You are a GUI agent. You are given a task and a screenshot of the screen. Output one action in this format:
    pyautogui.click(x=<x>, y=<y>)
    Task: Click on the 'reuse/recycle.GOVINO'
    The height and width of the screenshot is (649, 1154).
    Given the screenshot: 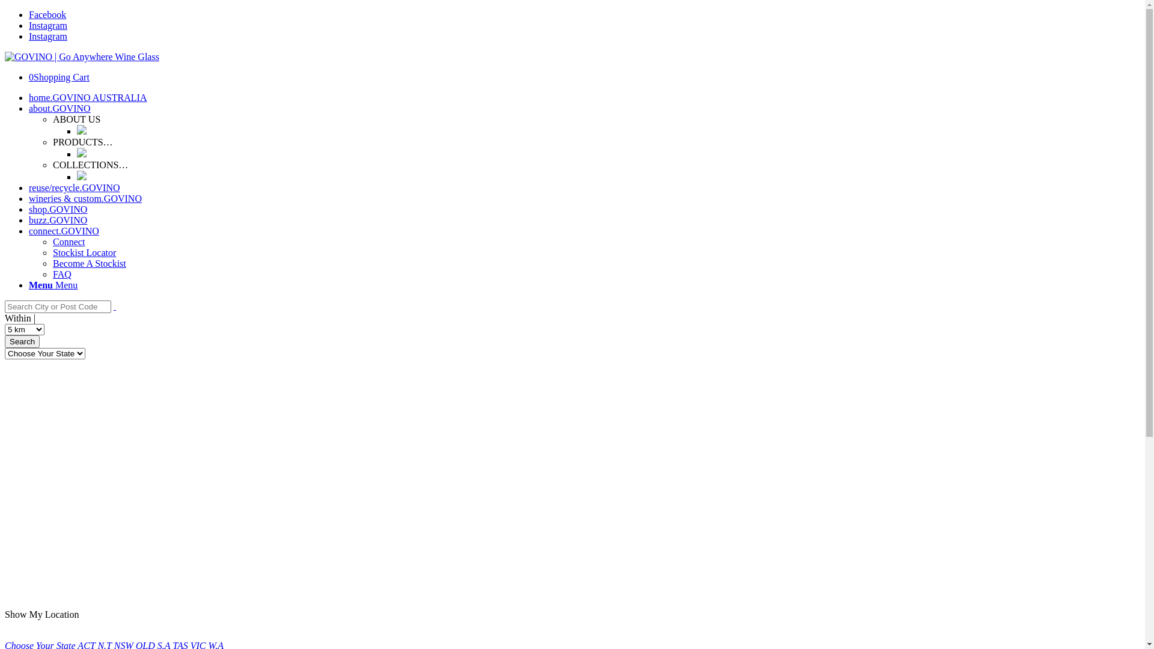 What is the action you would take?
    pyautogui.click(x=29, y=187)
    